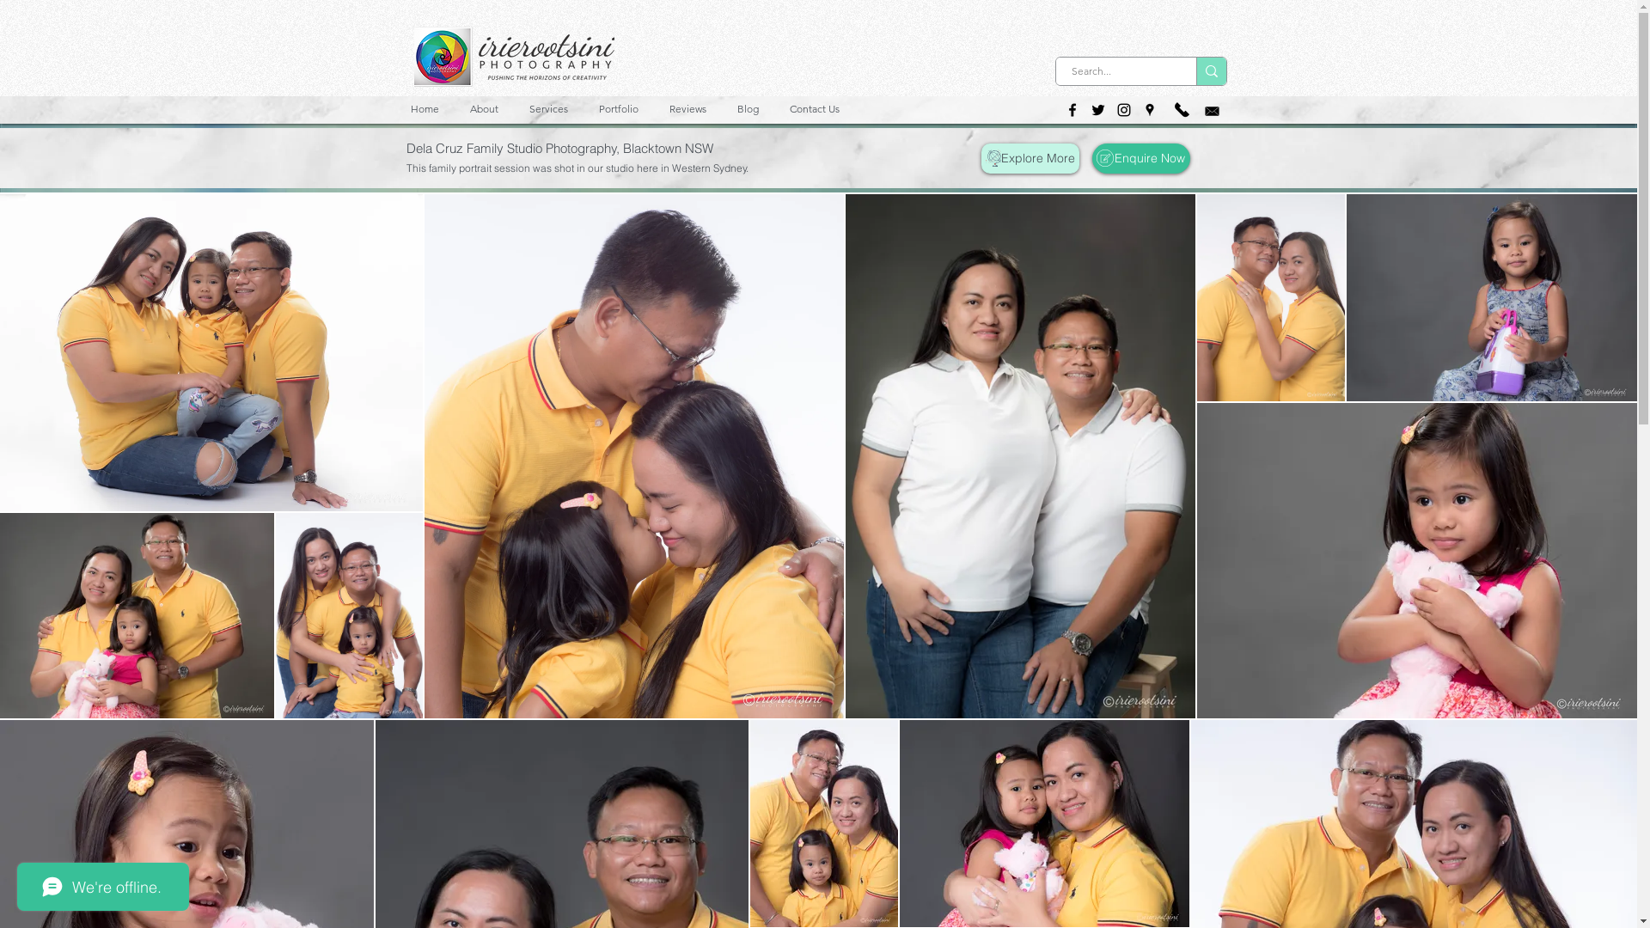  What do you see at coordinates (413, 55) in the screenshot?
I see `'Goto Home Page'` at bounding box center [413, 55].